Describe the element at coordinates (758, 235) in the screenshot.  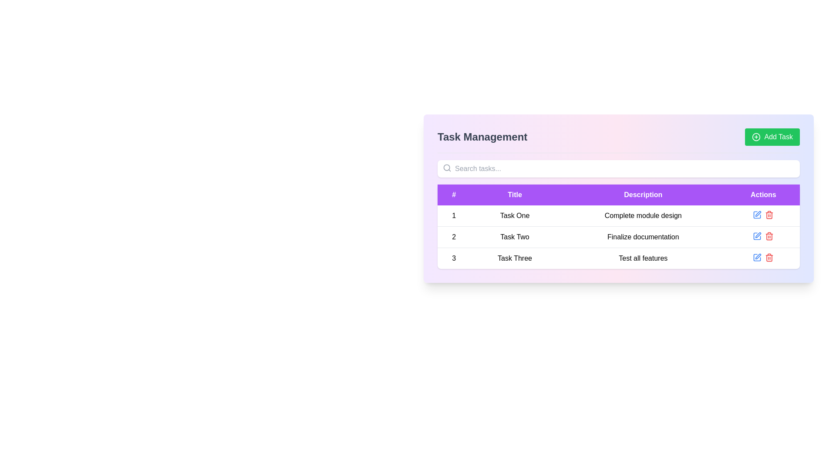
I see `the edit icon button in the 'Actions' column for 'Task Two'` at that location.